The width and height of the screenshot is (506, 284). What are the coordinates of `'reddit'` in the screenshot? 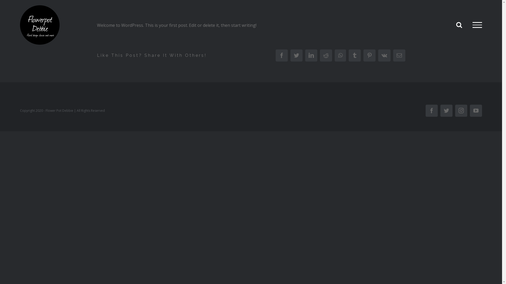 It's located at (320, 55).